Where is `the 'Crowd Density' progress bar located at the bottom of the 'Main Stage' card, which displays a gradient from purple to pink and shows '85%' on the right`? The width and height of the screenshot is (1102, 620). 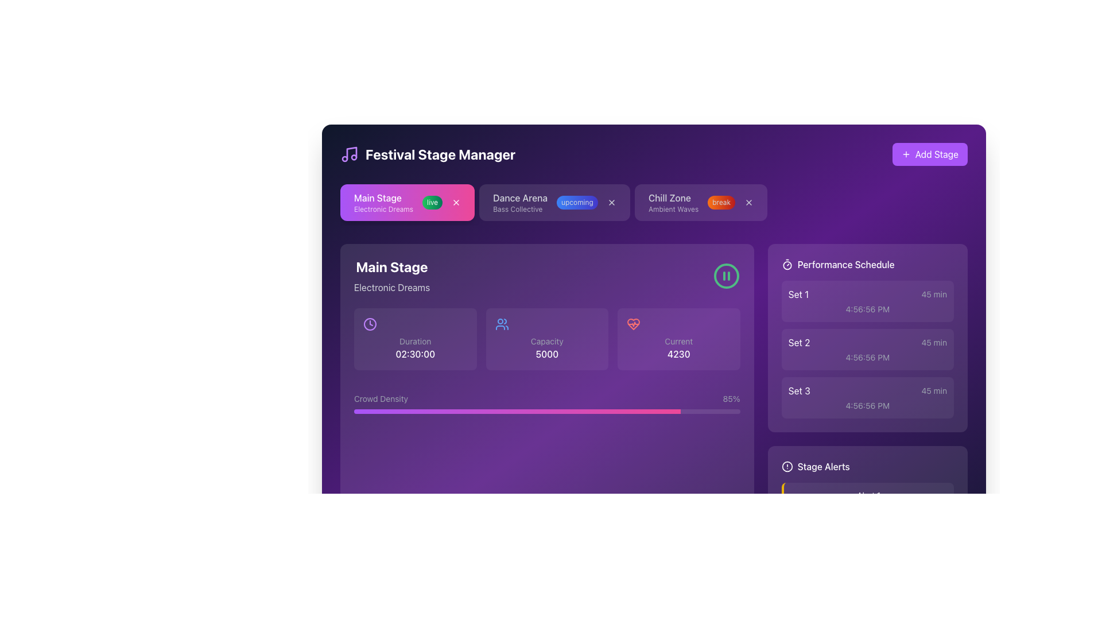 the 'Crowd Density' progress bar located at the bottom of the 'Main Stage' card, which displays a gradient from purple to pink and shows '85%' on the right is located at coordinates (546, 398).